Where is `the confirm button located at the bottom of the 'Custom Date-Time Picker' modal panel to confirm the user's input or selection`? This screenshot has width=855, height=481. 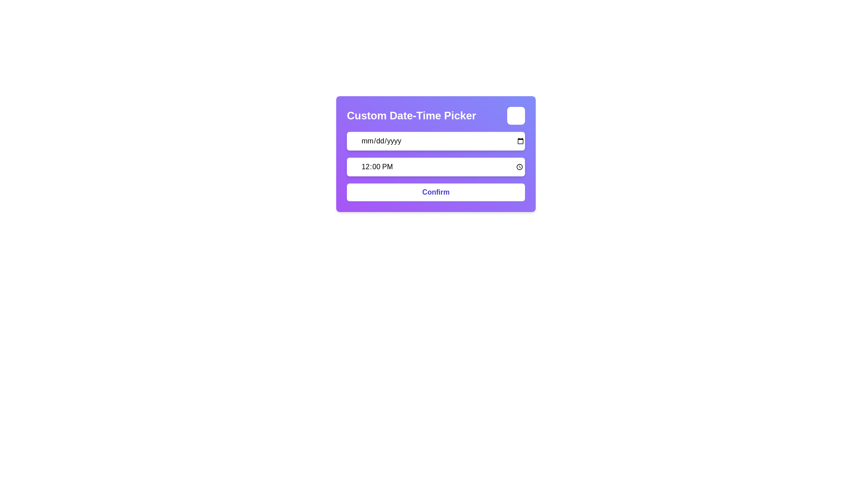 the confirm button located at the bottom of the 'Custom Date-Time Picker' modal panel to confirm the user's input or selection is located at coordinates (436, 192).